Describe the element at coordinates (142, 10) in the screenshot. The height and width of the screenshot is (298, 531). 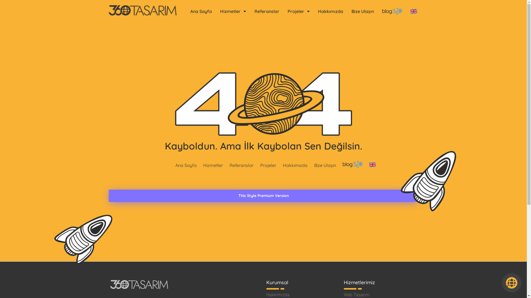
I see `'360tasarim-logo'` at that location.